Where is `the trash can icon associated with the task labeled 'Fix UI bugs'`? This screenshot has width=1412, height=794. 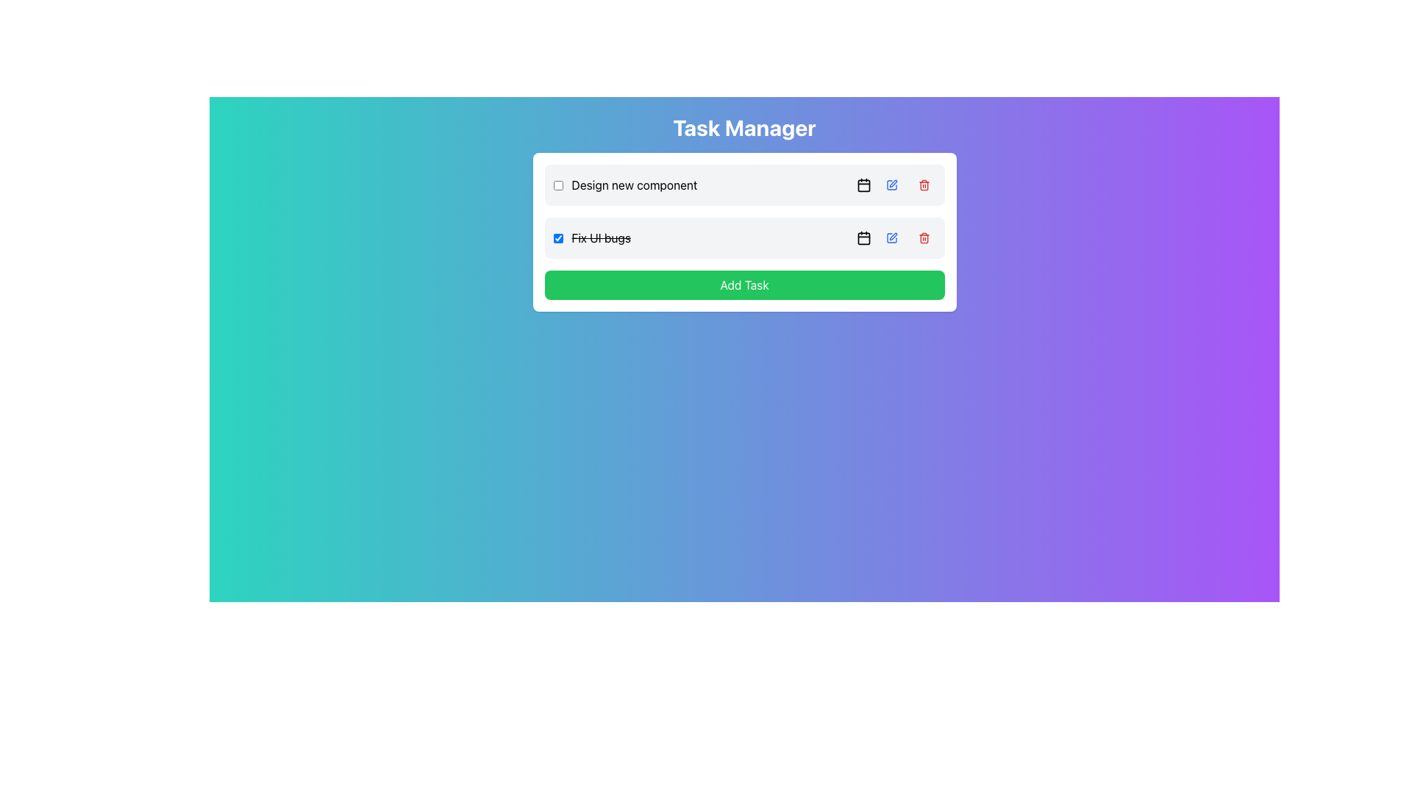 the trash can icon associated with the task labeled 'Fix UI bugs' is located at coordinates (923, 185).